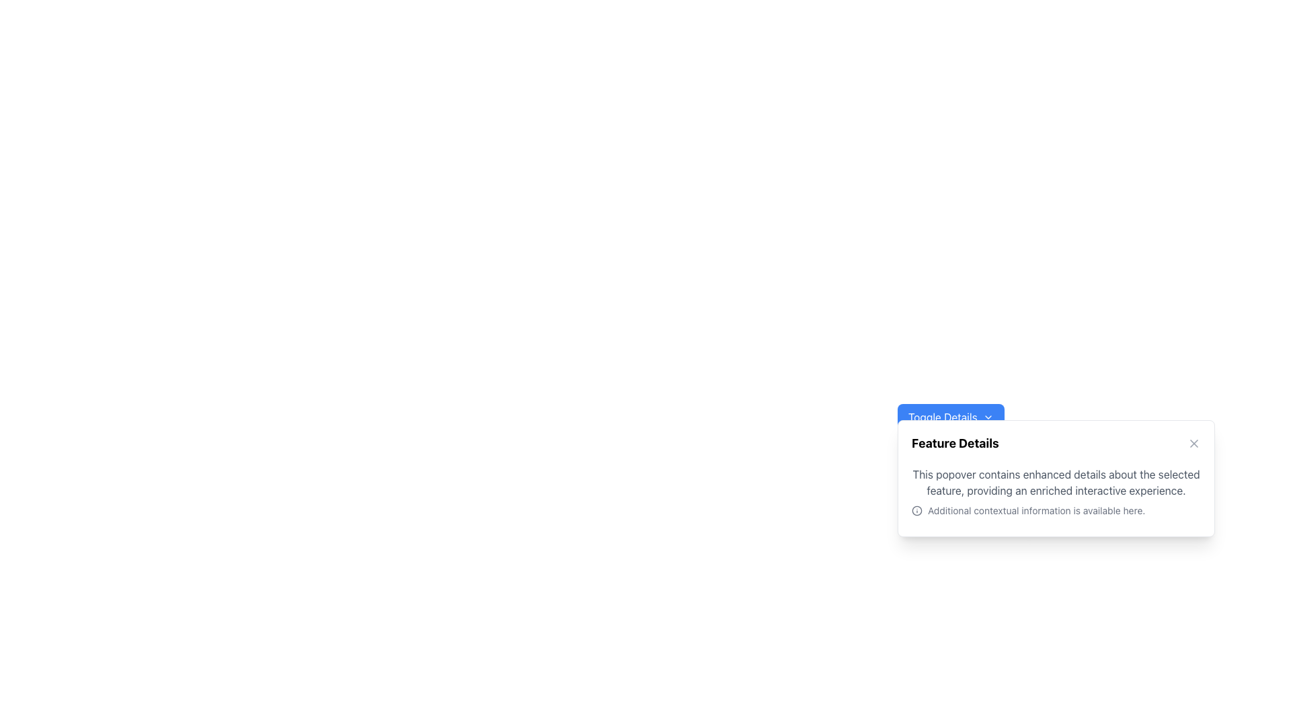  Describe the element at coordinates (916, 510) in the screenshot. I see `the hollow circle in the SVG graphic, styled with a stroke width of 2px, located near the 'Feature Details' popover and positioned within the bottom-right pop-over structure` at that location.